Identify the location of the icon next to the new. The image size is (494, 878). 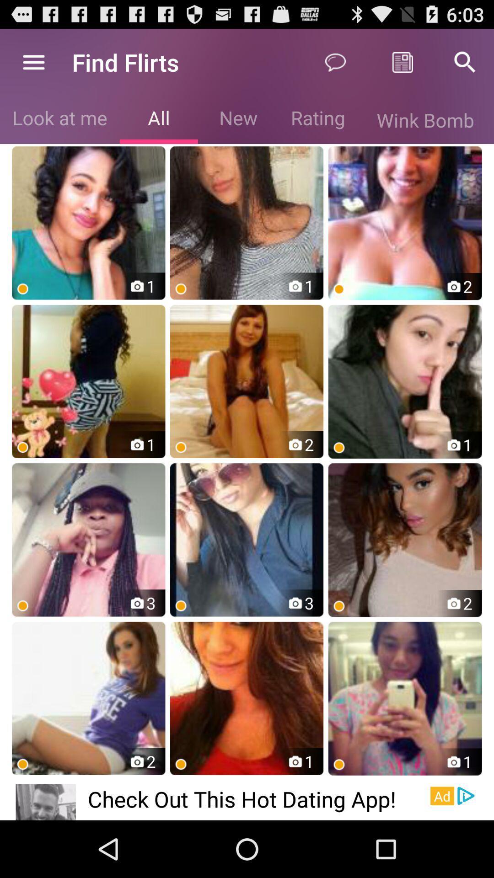
(158, 119).